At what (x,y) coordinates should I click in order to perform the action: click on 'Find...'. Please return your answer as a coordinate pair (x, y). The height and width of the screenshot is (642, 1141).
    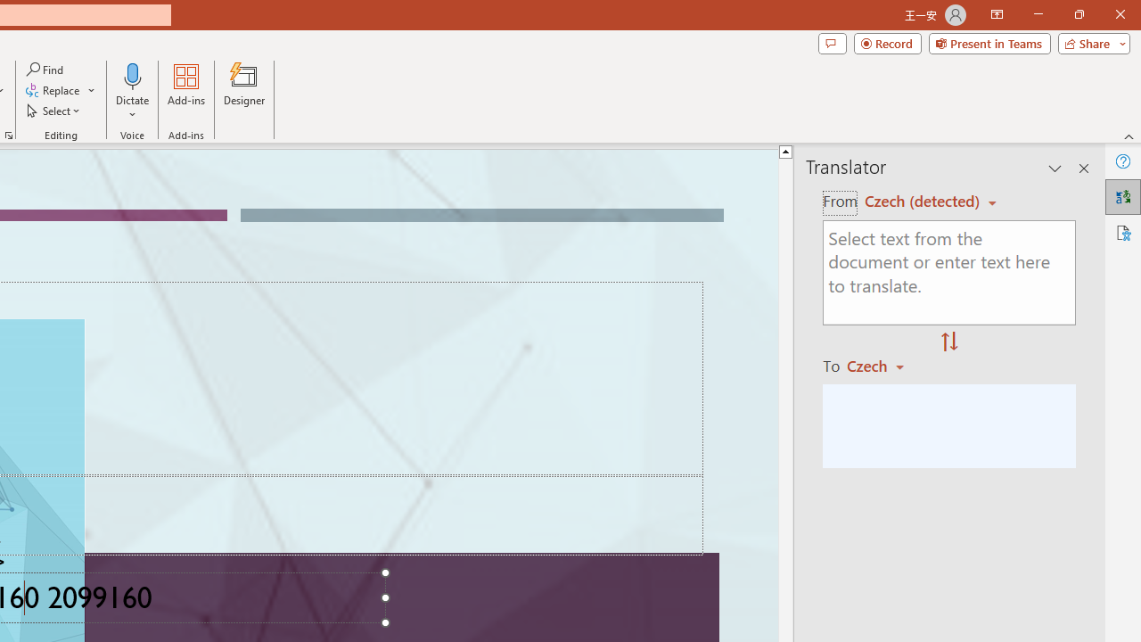
    Looking at the image, I should click on (45, 69).